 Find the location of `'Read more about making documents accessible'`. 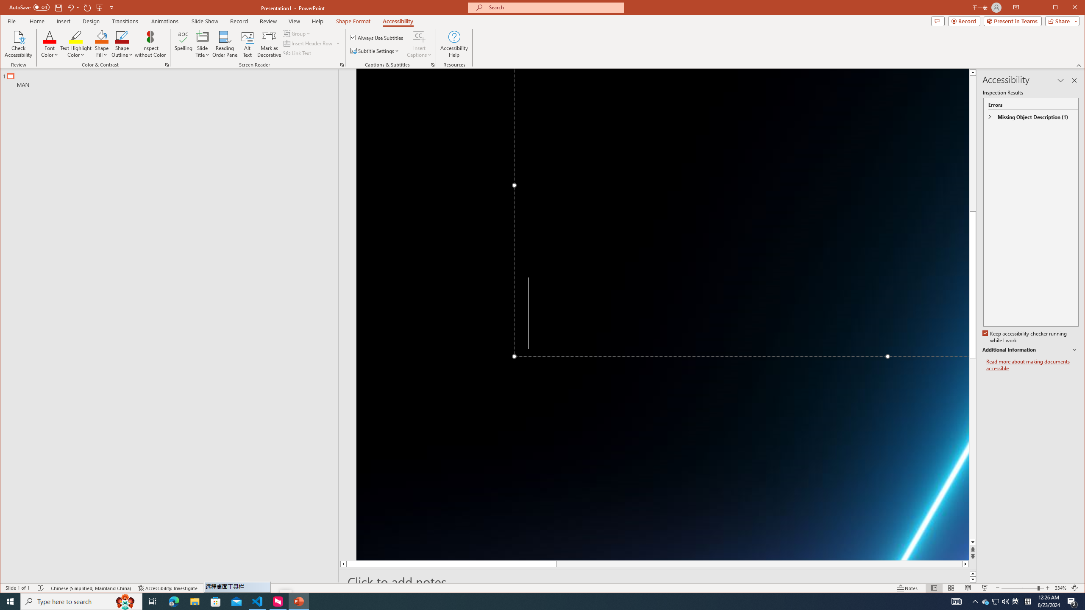

'Read more about making documents accessible' is located at coordinates (1032, 365).